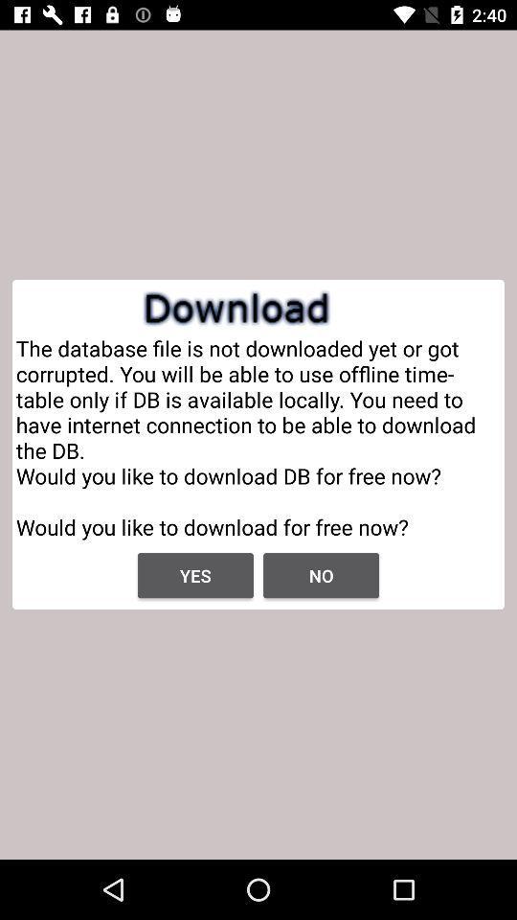  I want to click on the app below the the database file app, so click(194, 575).